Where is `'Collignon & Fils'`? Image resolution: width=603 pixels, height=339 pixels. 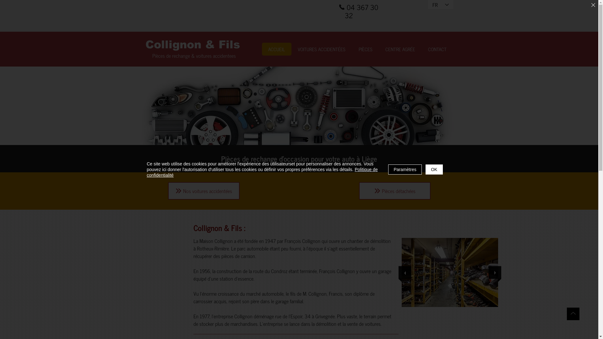 'Collignon & Fils' is located at coordinates (192, 44).